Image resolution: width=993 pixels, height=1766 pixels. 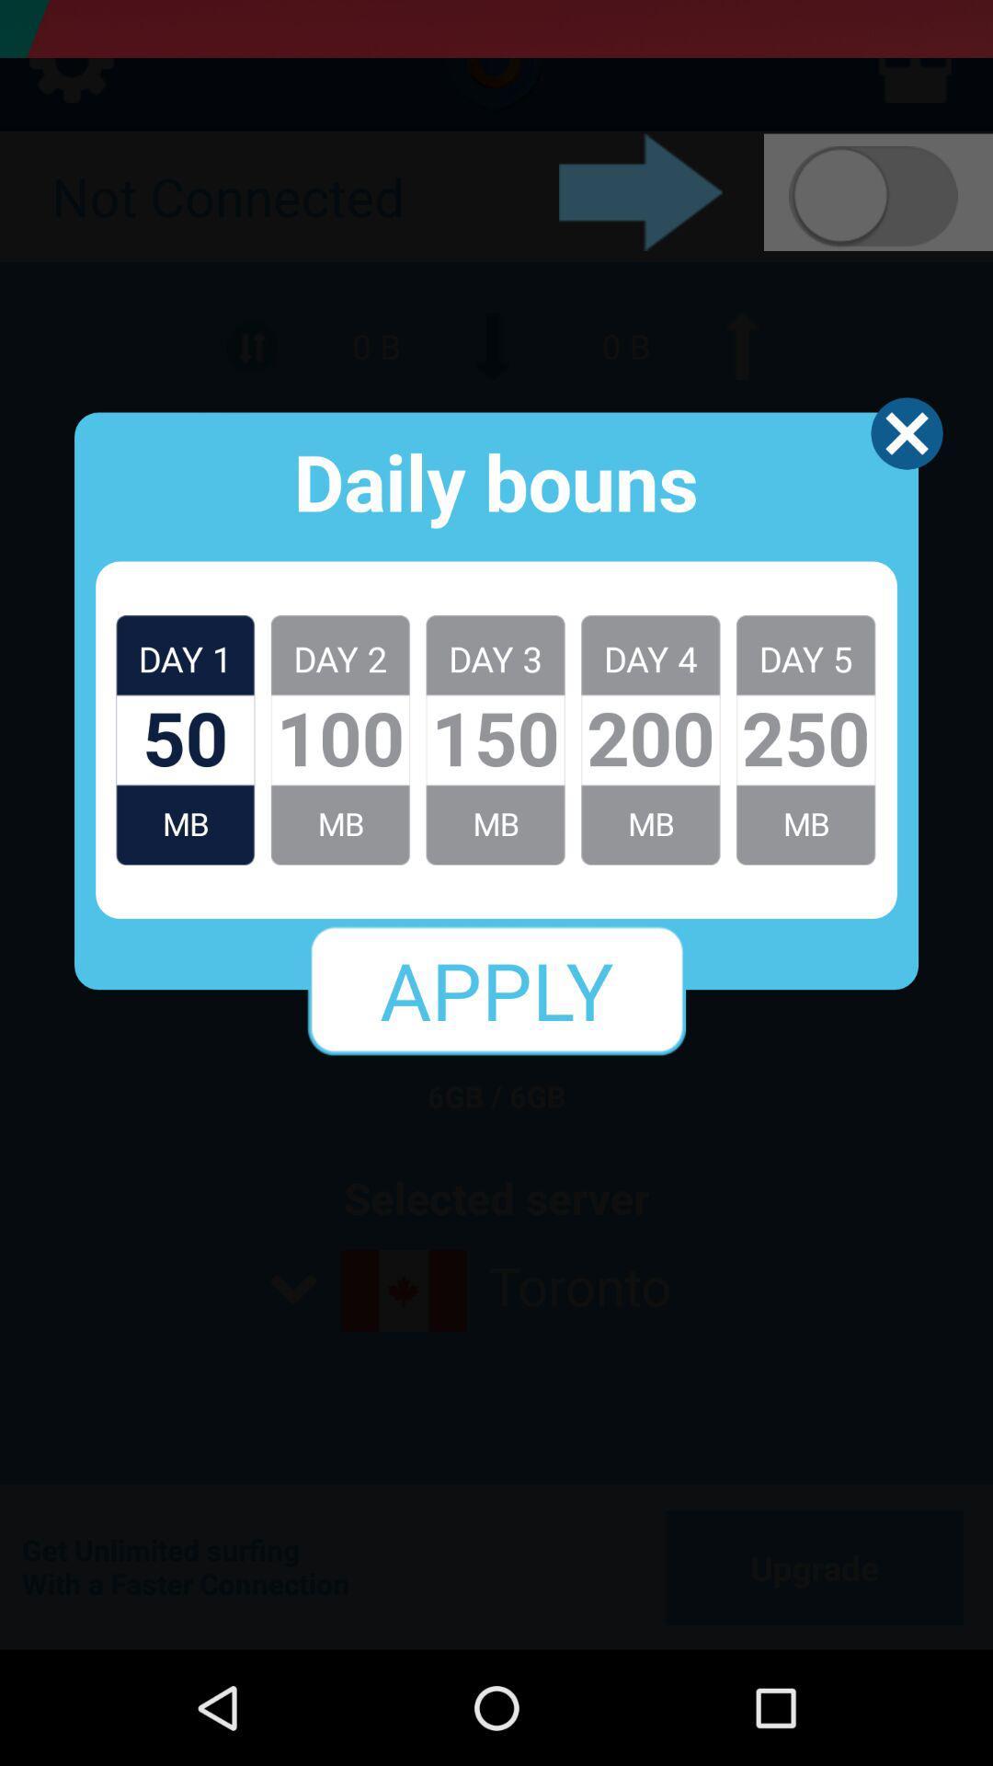 I want to click on the close icon, so click(x=906, y=464).